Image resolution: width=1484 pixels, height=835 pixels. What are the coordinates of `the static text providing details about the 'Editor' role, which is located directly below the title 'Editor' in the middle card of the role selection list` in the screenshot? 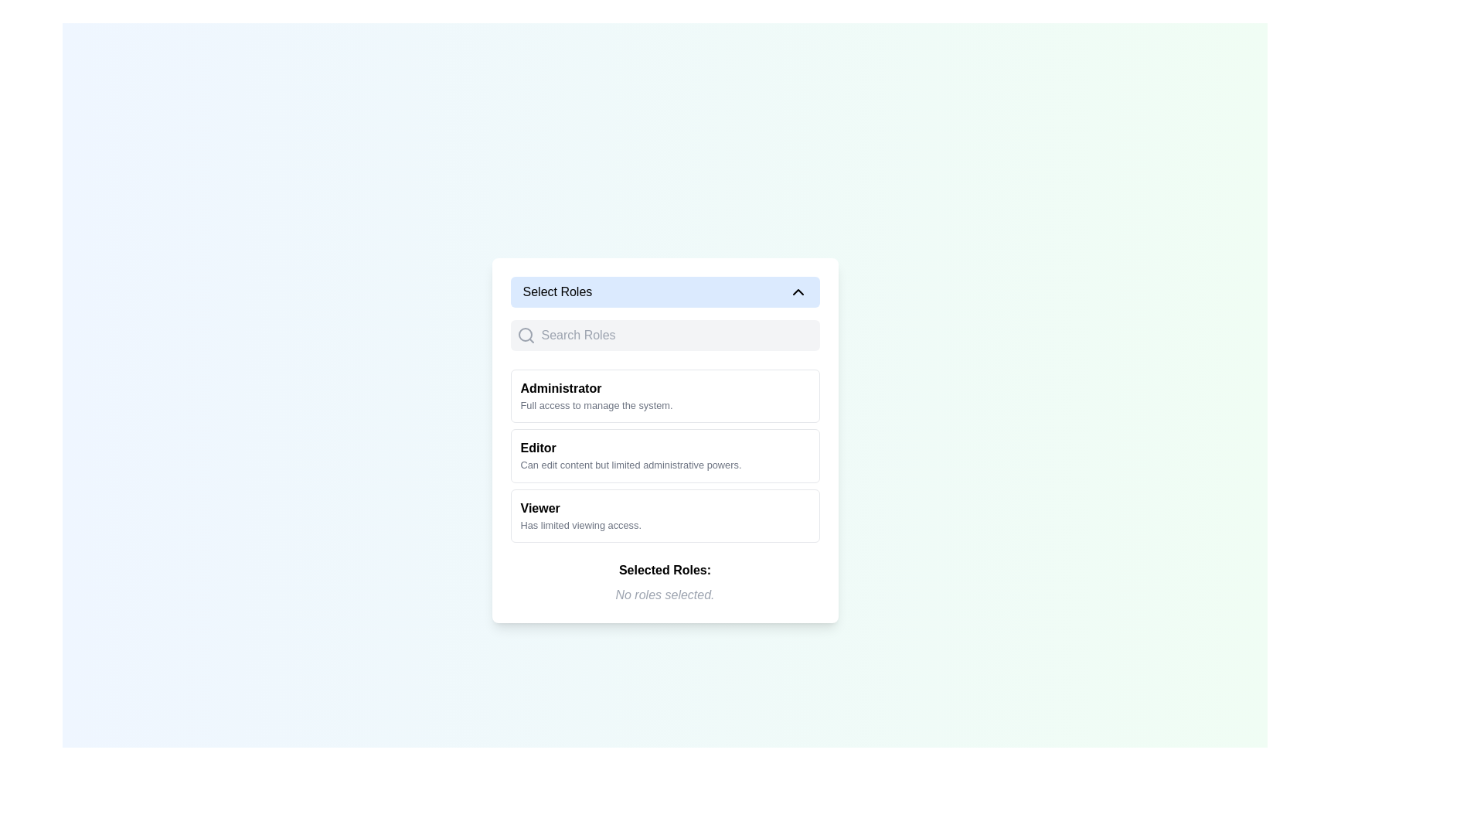 It's located at (631, 464).